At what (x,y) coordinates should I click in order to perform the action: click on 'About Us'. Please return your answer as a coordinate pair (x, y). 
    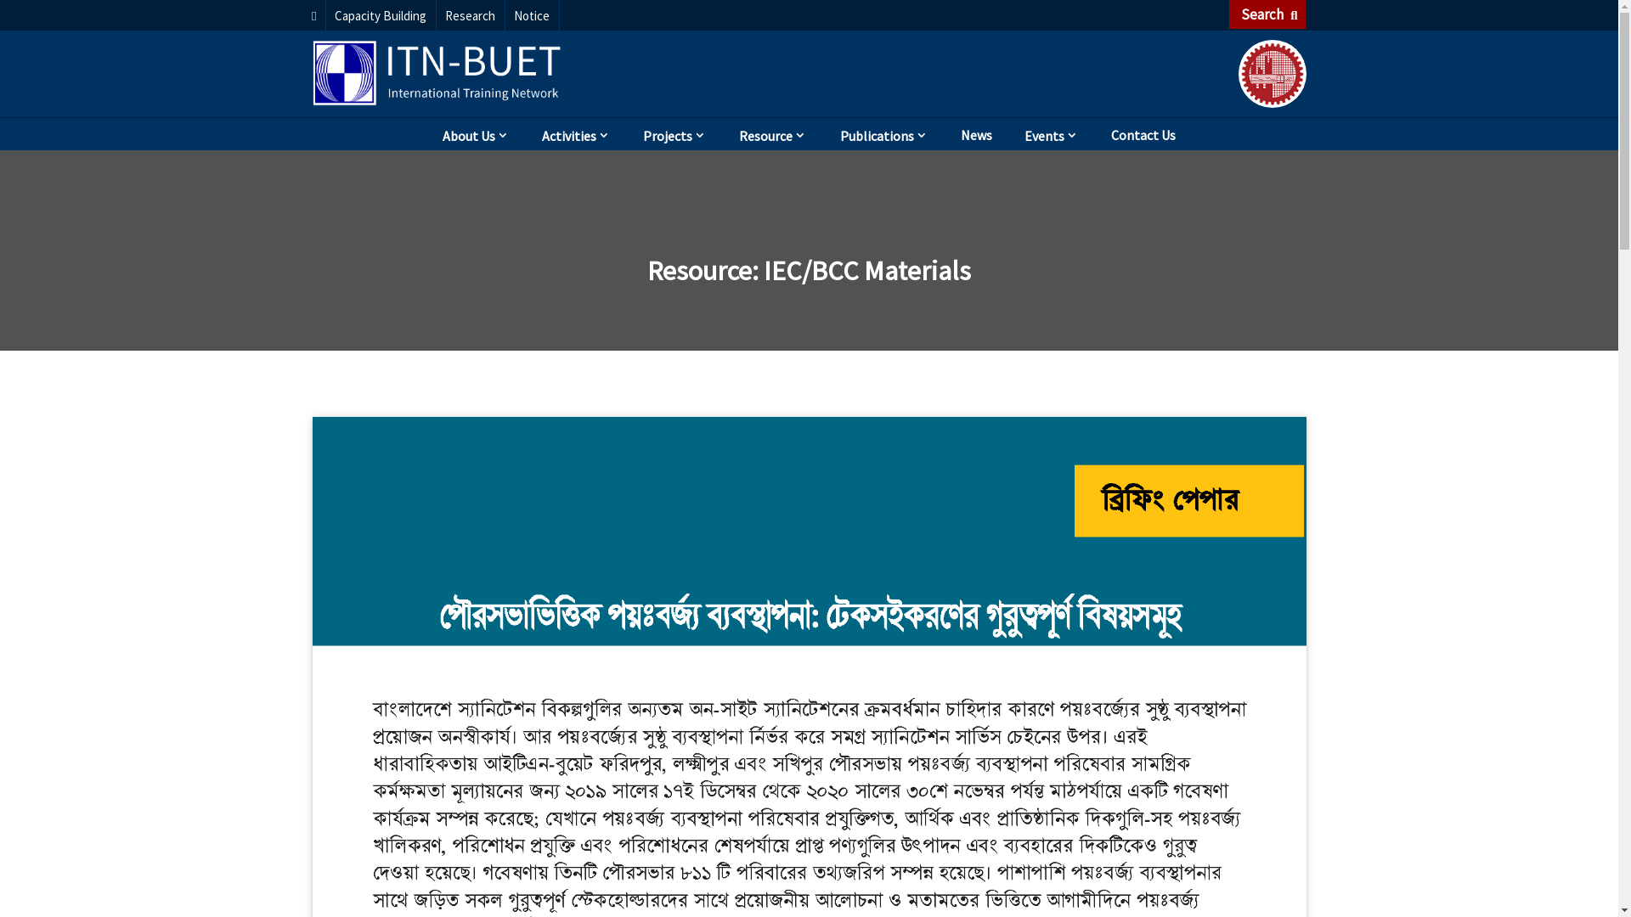
    Looking at the image, I should click on (476, 132).